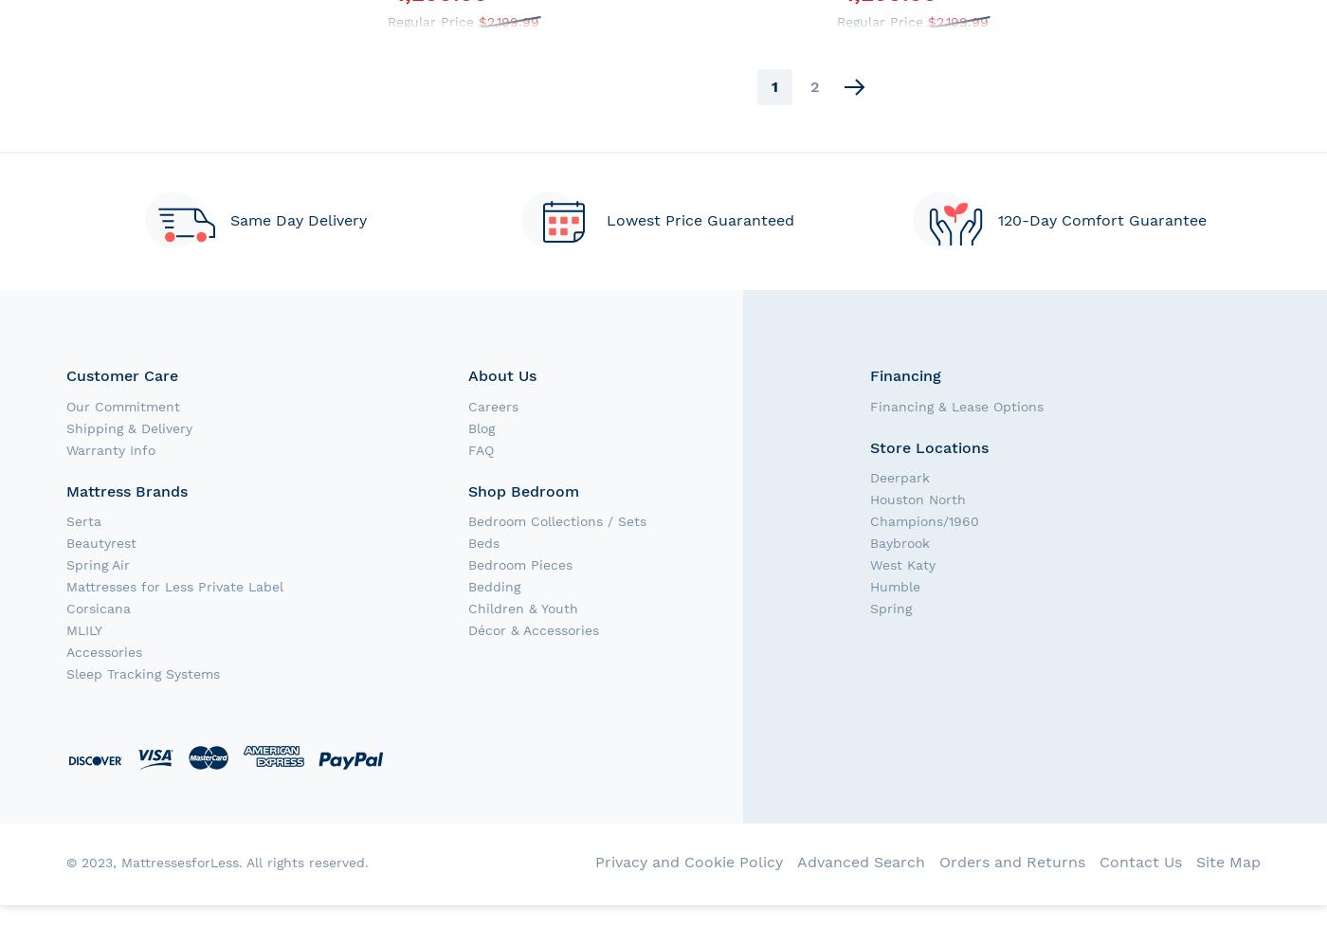  I want to click on 'Bedding', so click(494, 586).